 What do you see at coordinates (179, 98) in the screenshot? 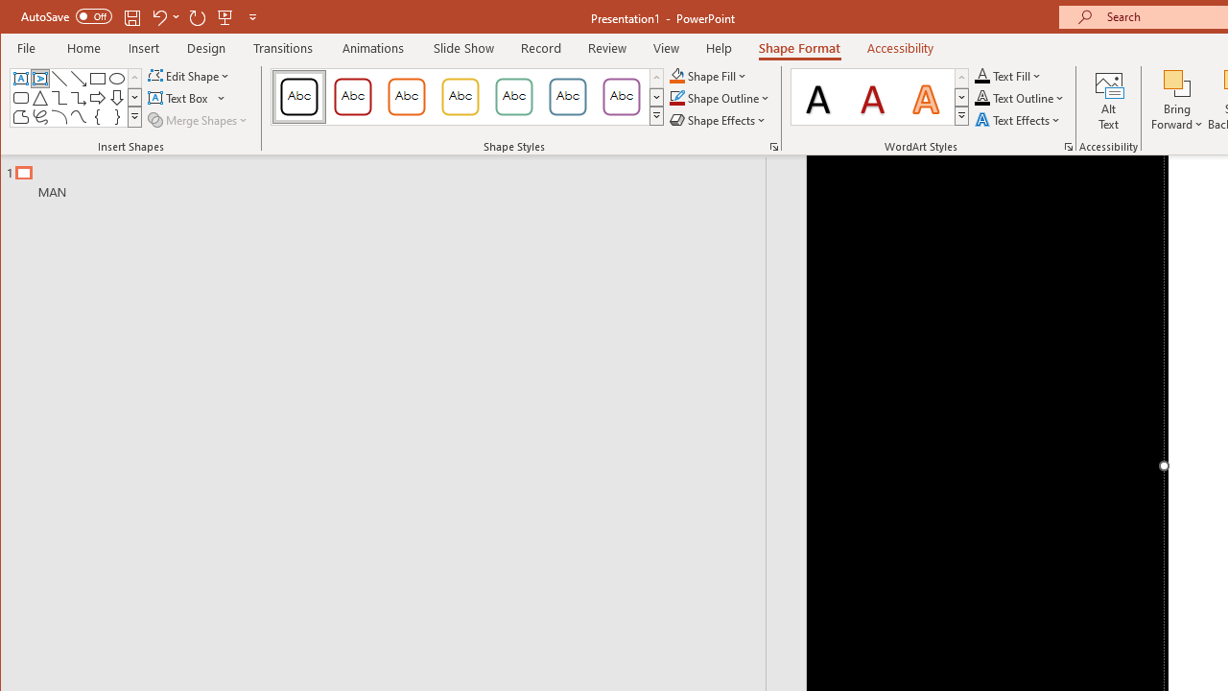
I see `'Draw Horizontal Text Box'` at bounding box center [179, 98].